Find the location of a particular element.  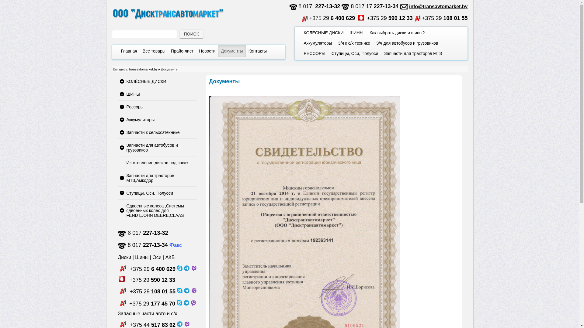

'info@transavtomarket.by' is located at coordinates (438, 6).